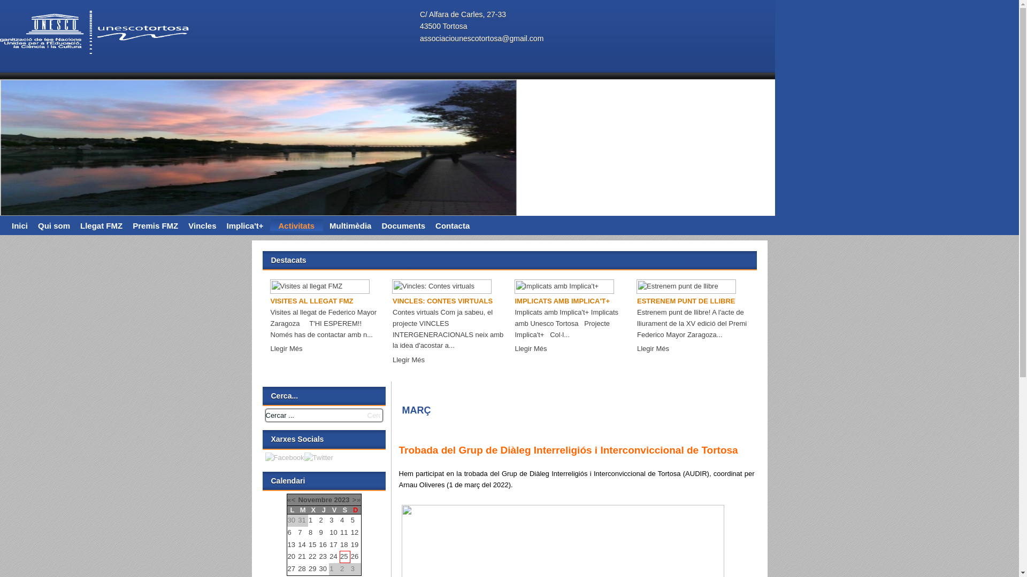  What do you see at coordinates (285, 457) in the screenshot?
I see `'Facebook'` at bounding box center [285, 457].